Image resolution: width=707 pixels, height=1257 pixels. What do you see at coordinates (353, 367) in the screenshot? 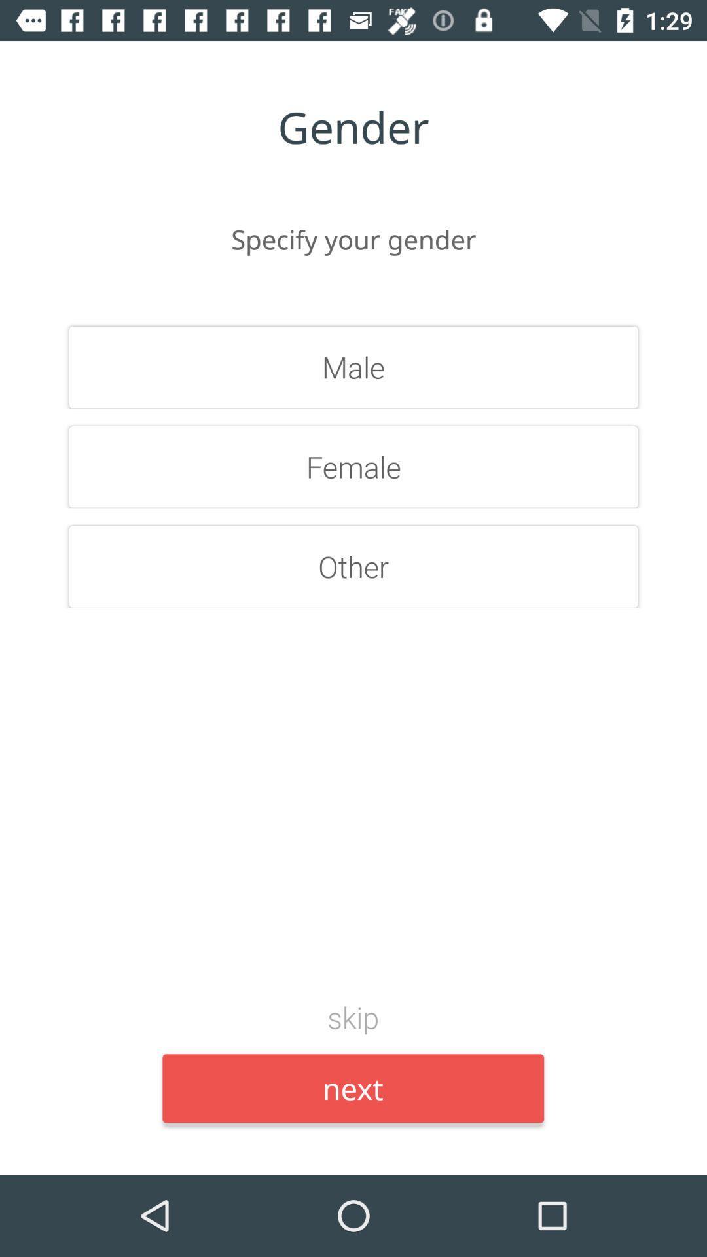
I see `the item below the specify your gender app` at bounding box center [353, 367].